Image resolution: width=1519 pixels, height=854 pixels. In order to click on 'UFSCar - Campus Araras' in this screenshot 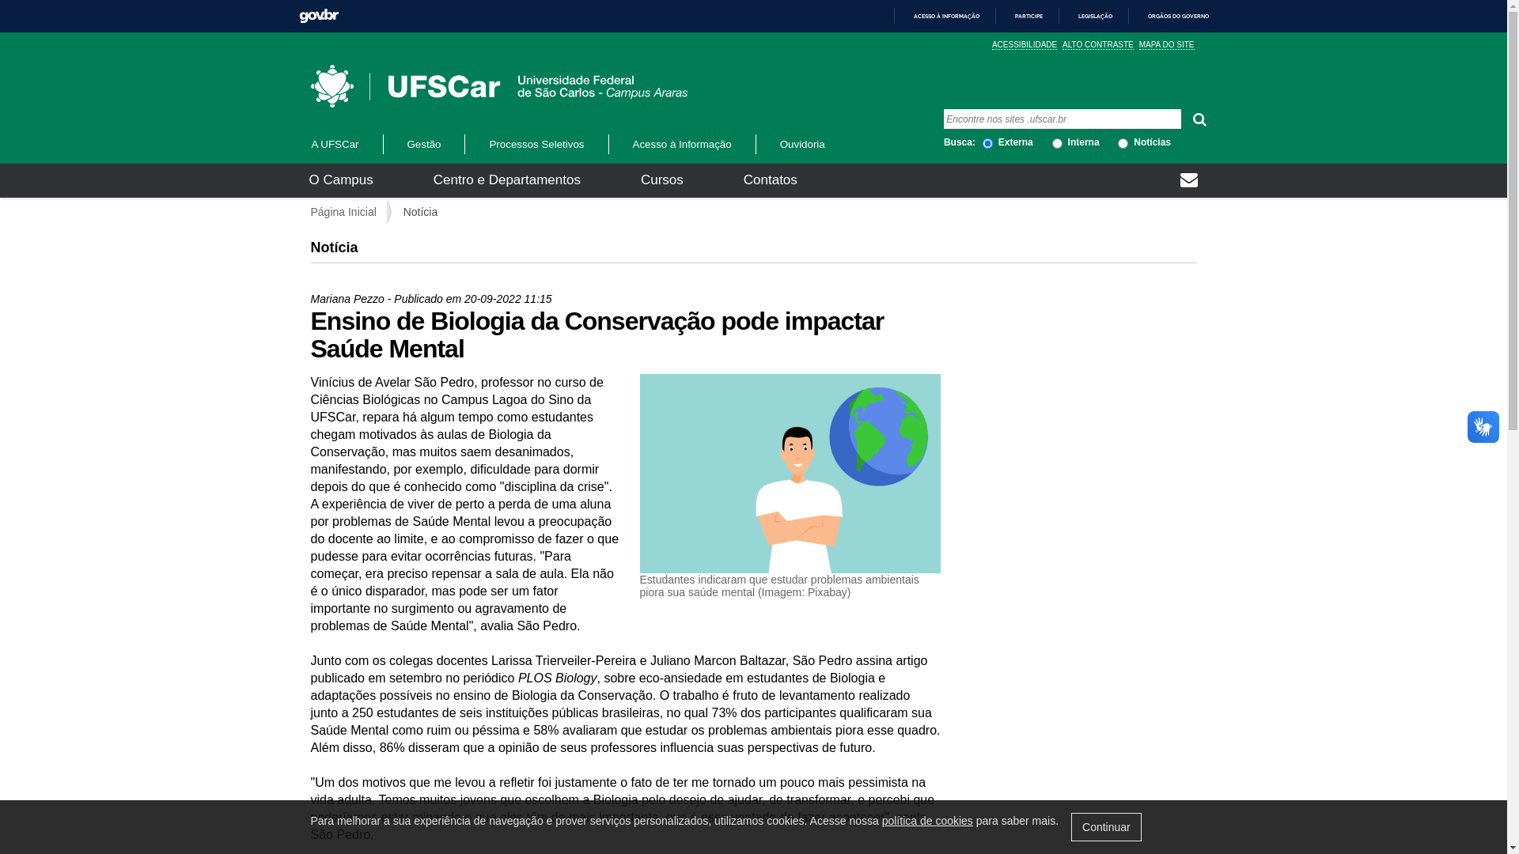, I will do `click(445, 85)`.